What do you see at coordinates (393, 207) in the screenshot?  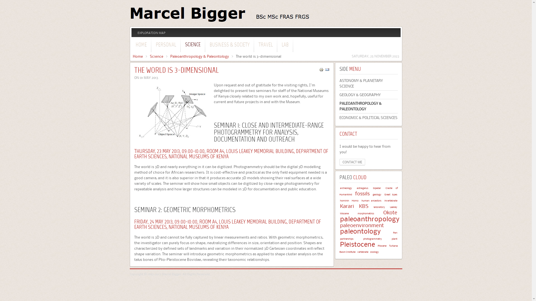 I see `'Leakey'` at bounding box center [393, 207].